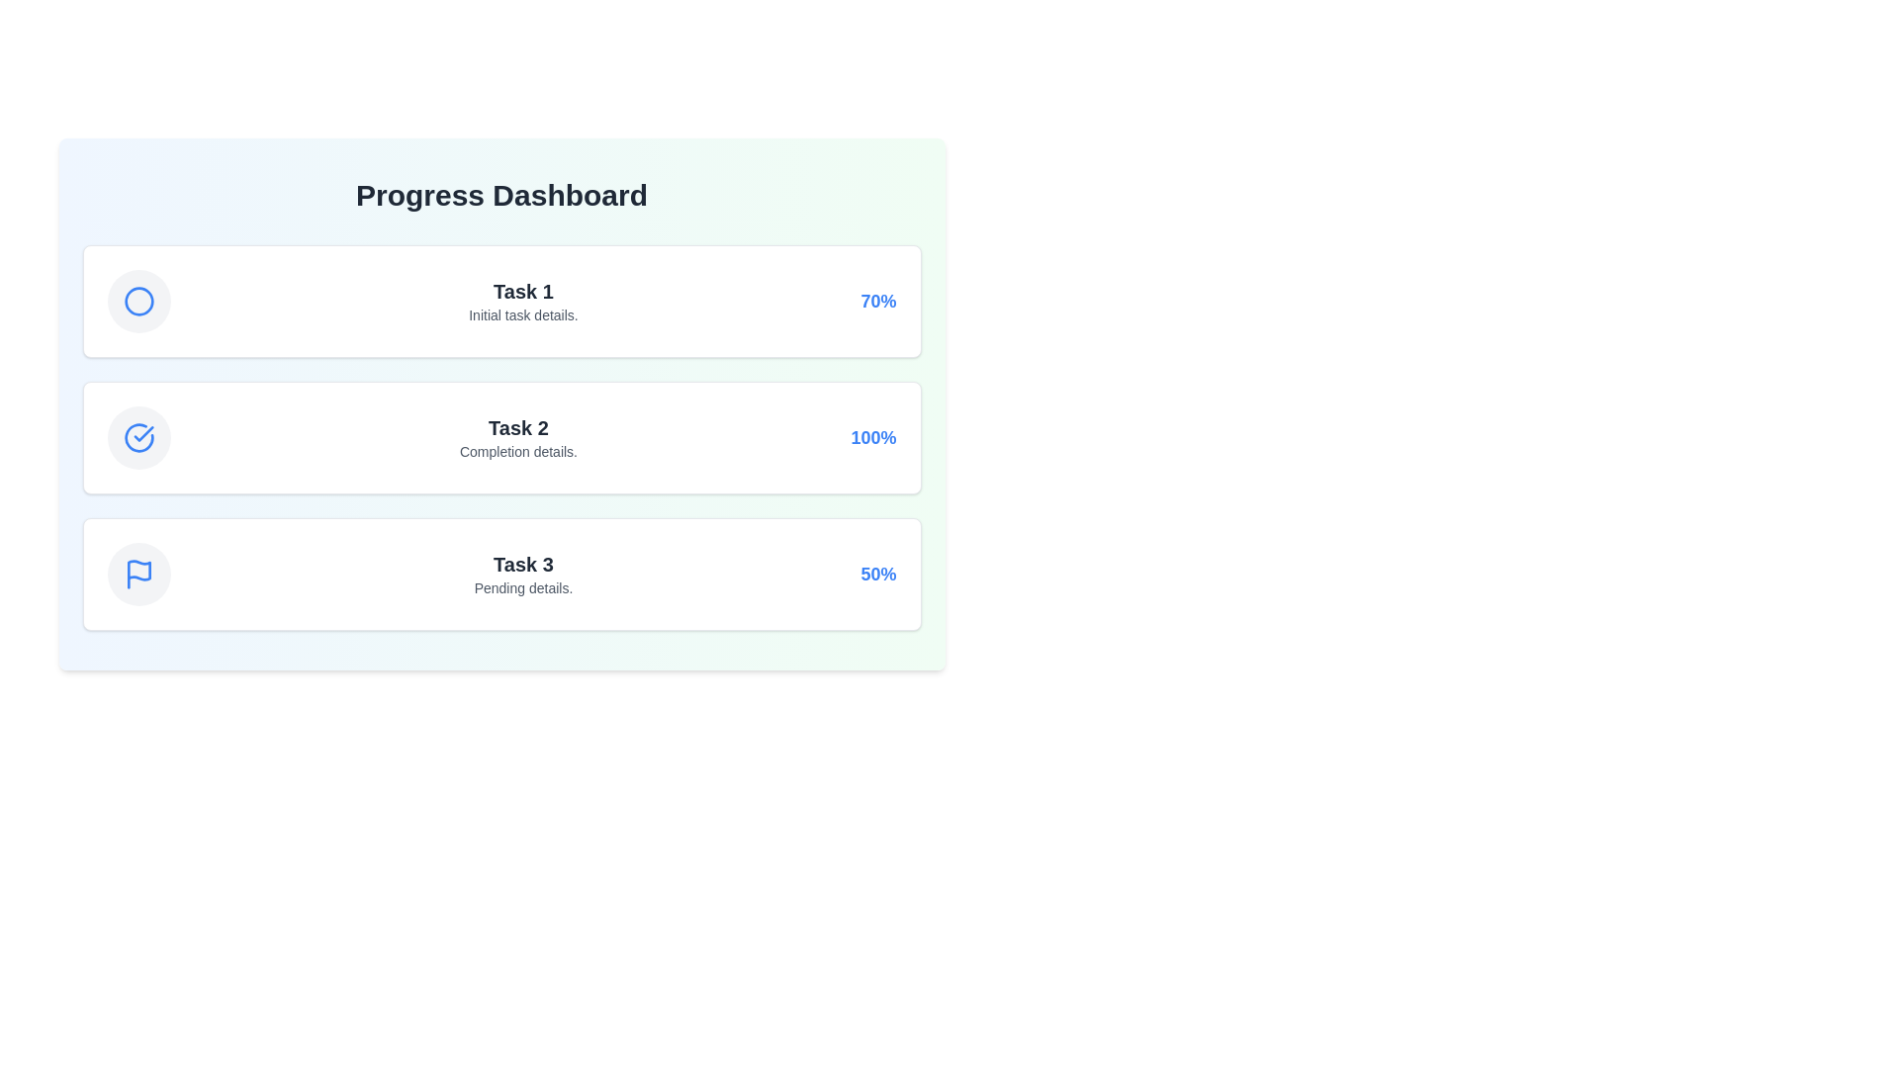 The width and height of the screenshot is (1899, 1068). What do you see at coordinates (137, 575) in the screenshot?
I see `the flag icon that signifies the status of the third task in the progress dashboard, located to the left of 'Task 3' and 'Pending details.'` at bounding box center [137, 575].